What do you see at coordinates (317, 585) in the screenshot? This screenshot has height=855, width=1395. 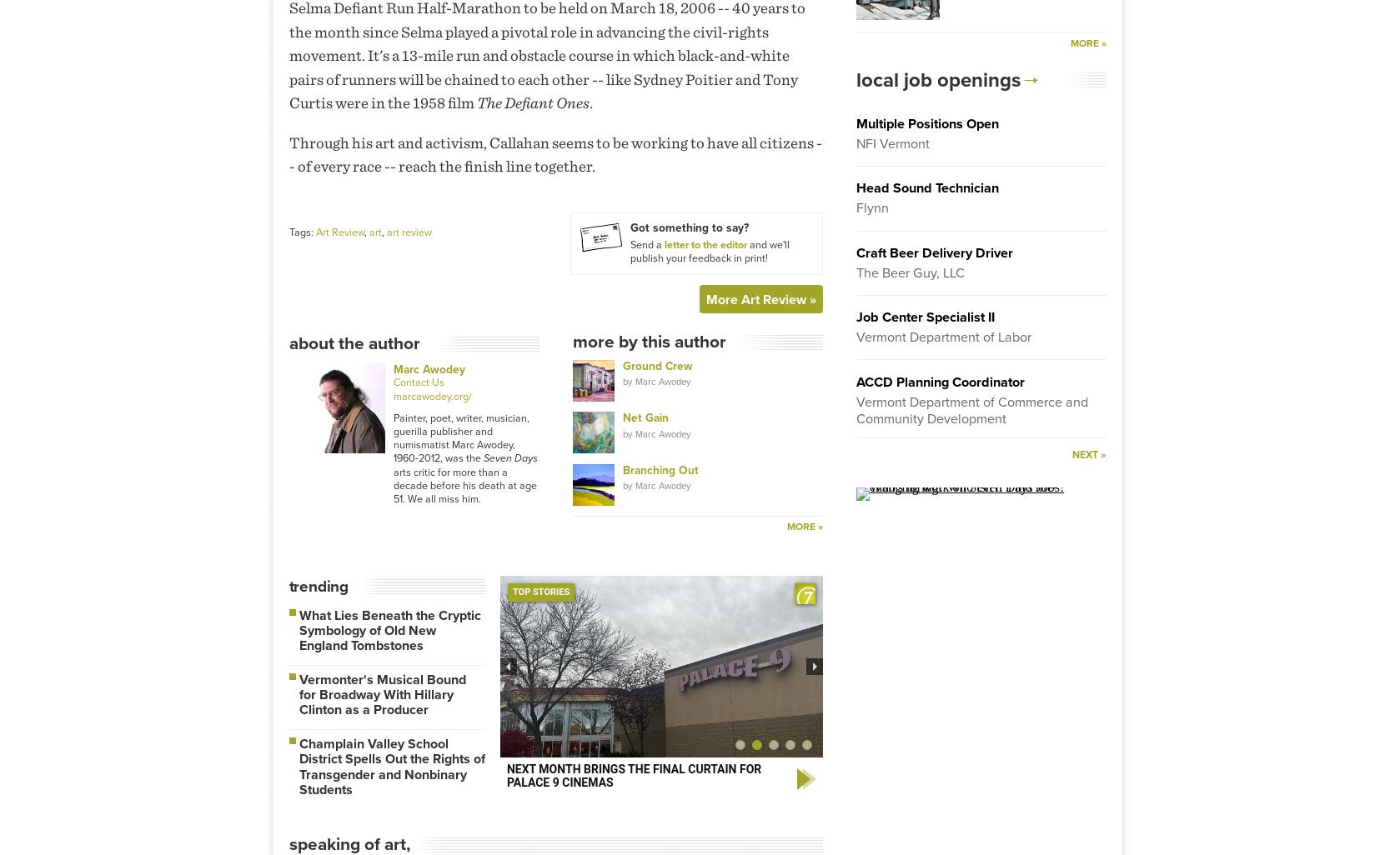 I see `'Trending'` at bounding box center [317, 585].